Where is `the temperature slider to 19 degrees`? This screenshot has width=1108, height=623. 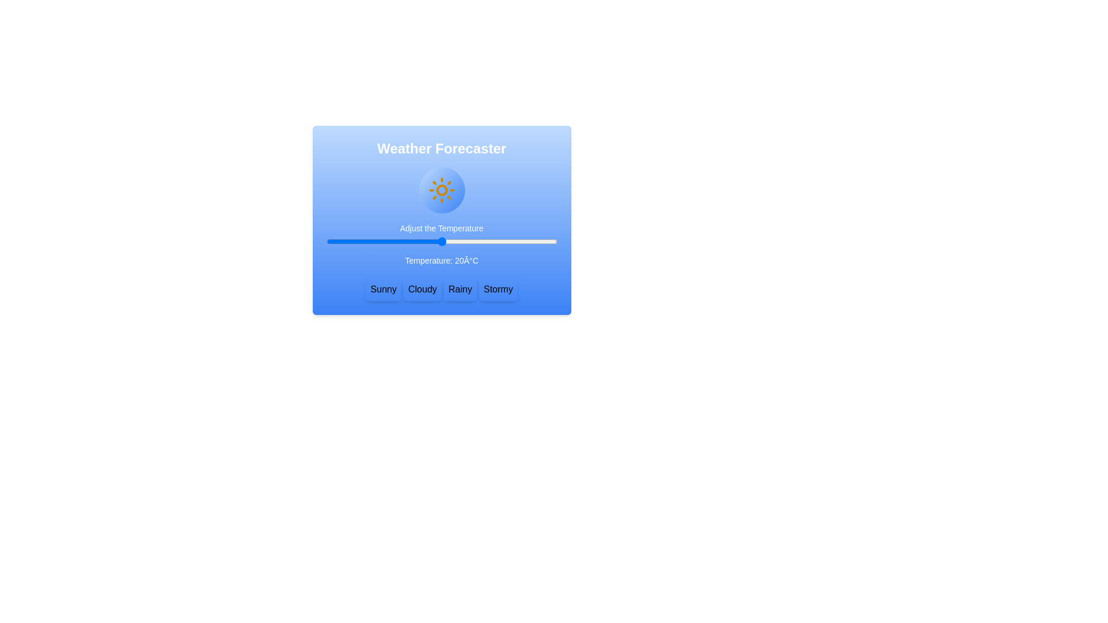
the temperature slider to 19 degrees is located at coordinates (437, 241).